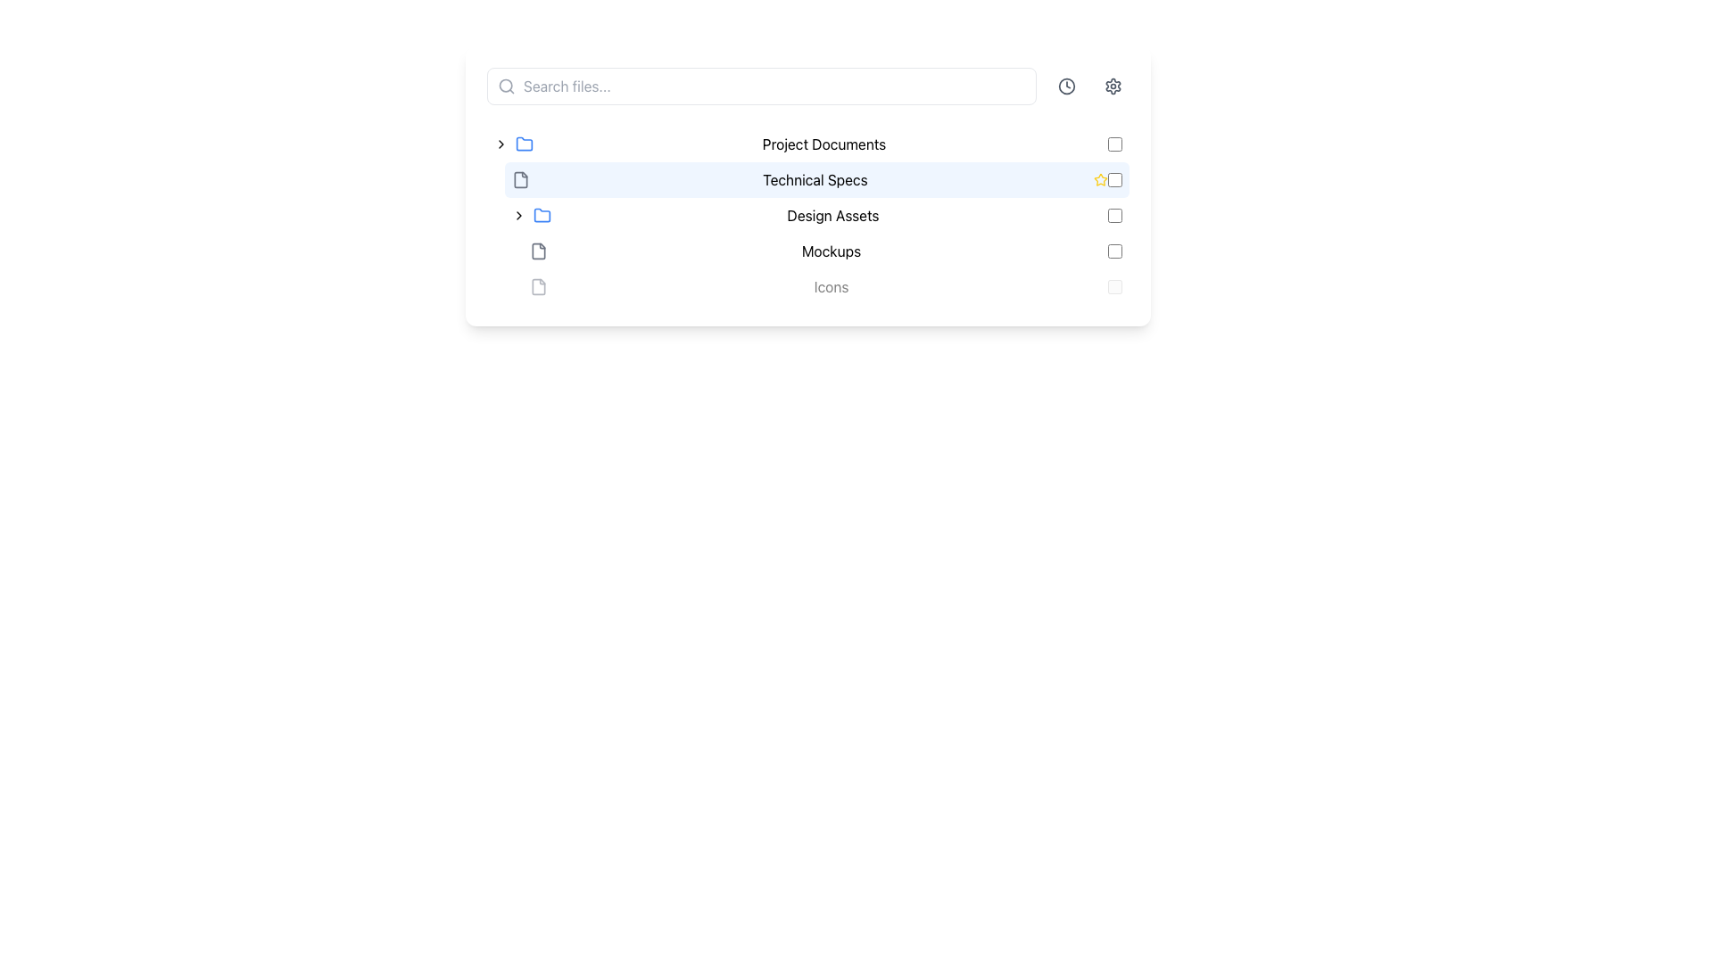 The width and height of the screenshot is (1713, 963). What do you see at coordinates (500, 144) in the screenshot?
I see `the toggle chevron icon` at bounding box center [500, 144].